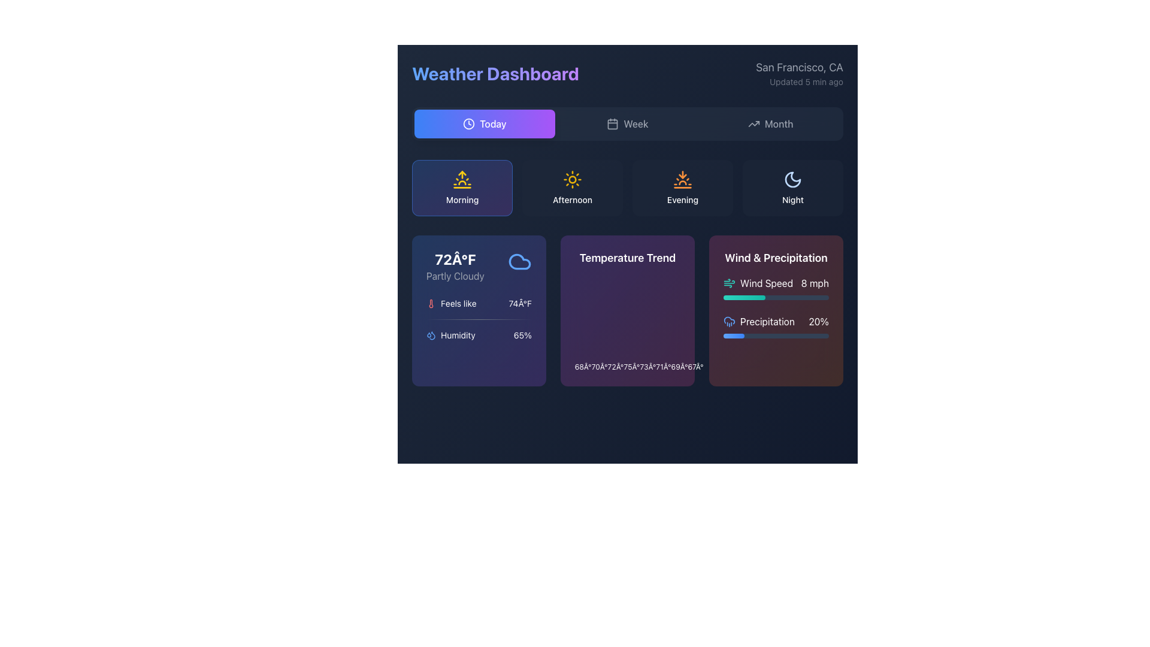 This screenshot has width=1150, height=647. Describe the element at coordinates (819, 297) in the screenshot. I see `precipitation level` at that location.